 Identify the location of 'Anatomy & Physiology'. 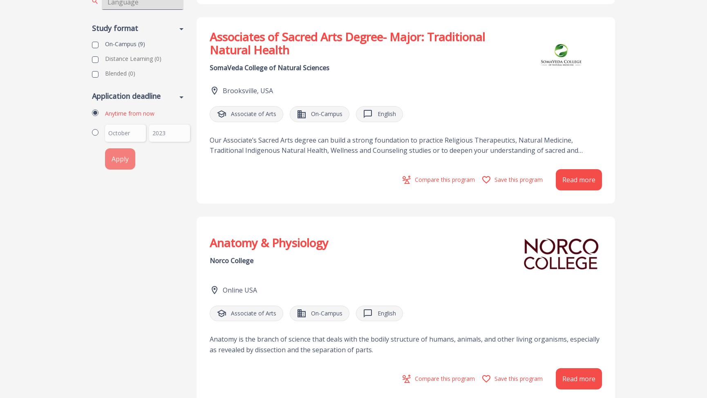
(269, 241).